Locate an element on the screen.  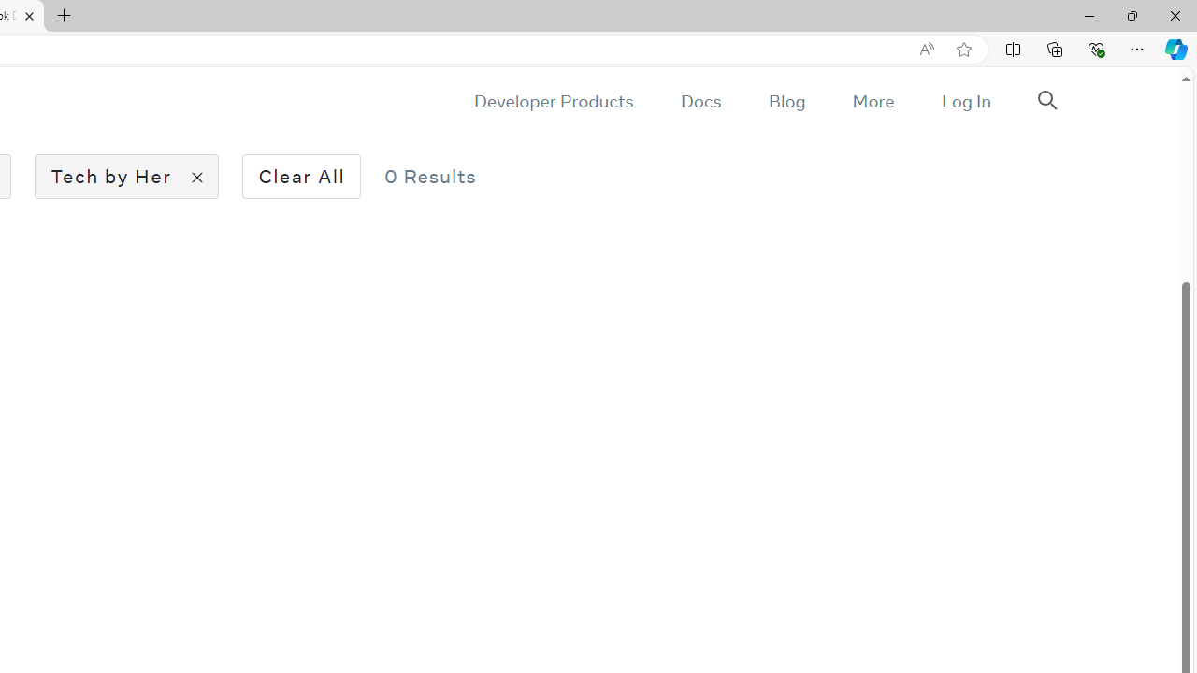
'Log In' is located at coordinates (965, 101).